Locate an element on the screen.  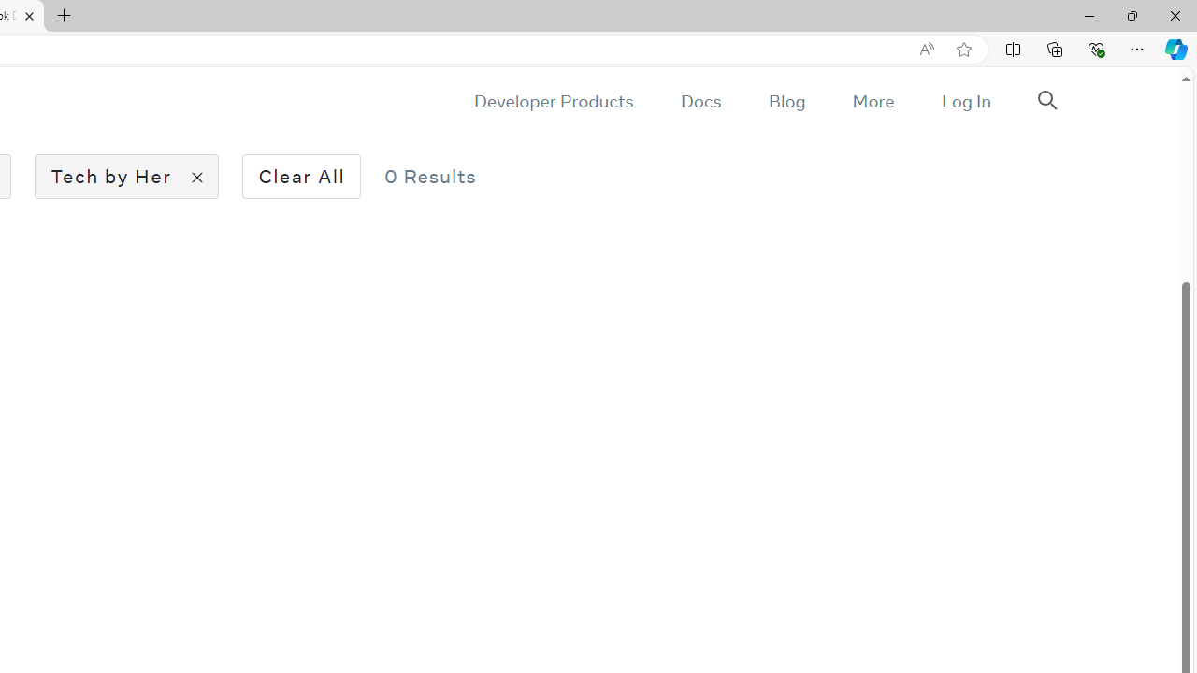
'Log In' is located at coordinates (965, 101).